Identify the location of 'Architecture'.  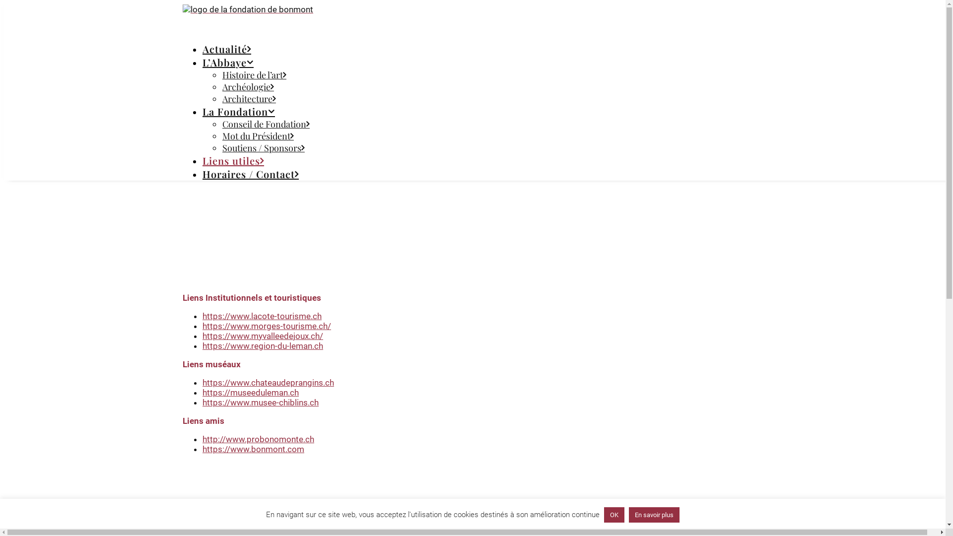
(249, 99).